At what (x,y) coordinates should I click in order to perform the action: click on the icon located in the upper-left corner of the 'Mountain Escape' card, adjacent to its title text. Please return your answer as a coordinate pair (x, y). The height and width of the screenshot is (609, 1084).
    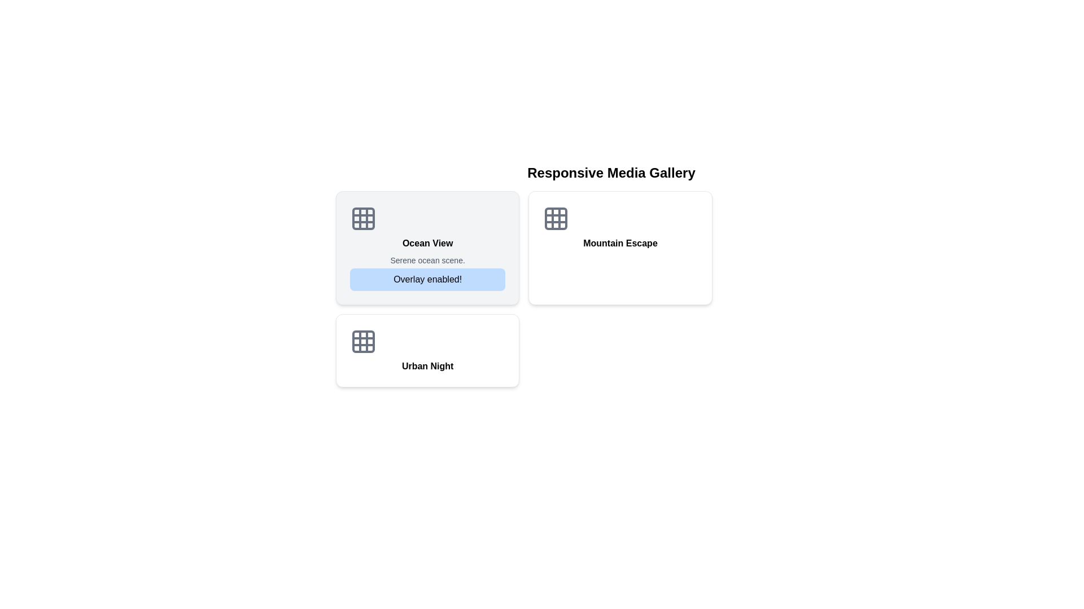
    Looking at the image, I should click on (556, 219).